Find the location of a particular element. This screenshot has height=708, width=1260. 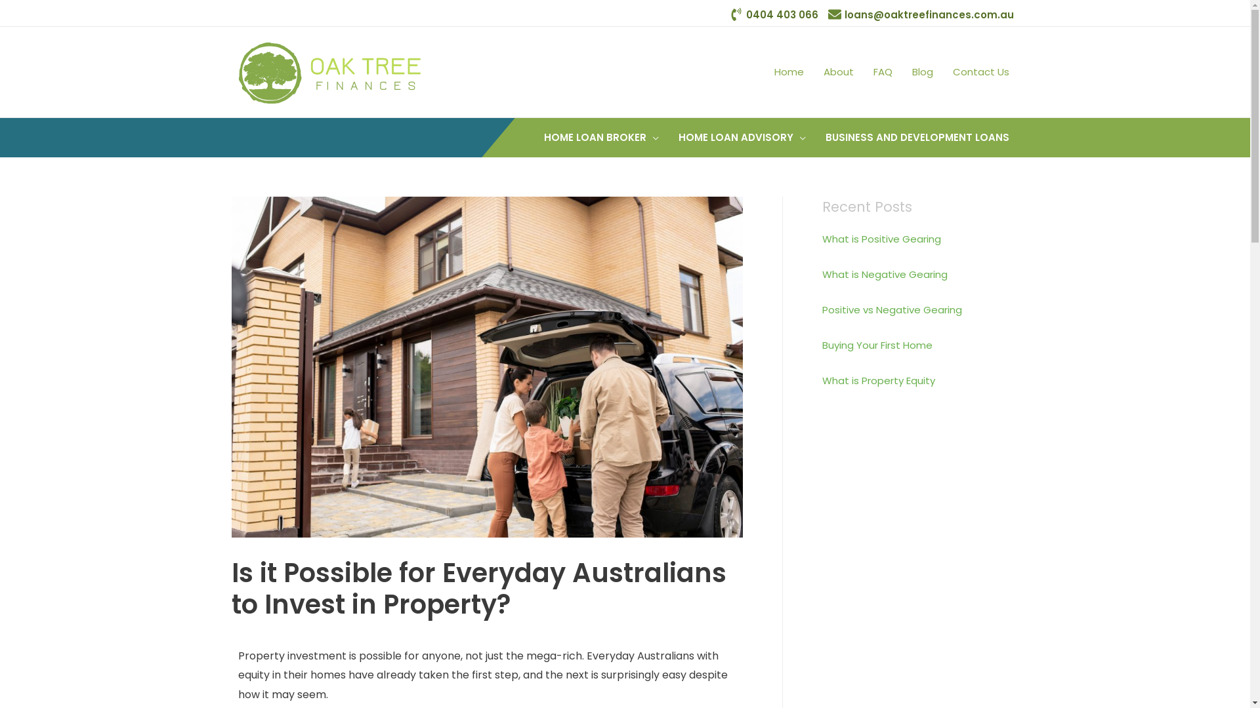

'Contact Us' is located at coordinates (980, 72).